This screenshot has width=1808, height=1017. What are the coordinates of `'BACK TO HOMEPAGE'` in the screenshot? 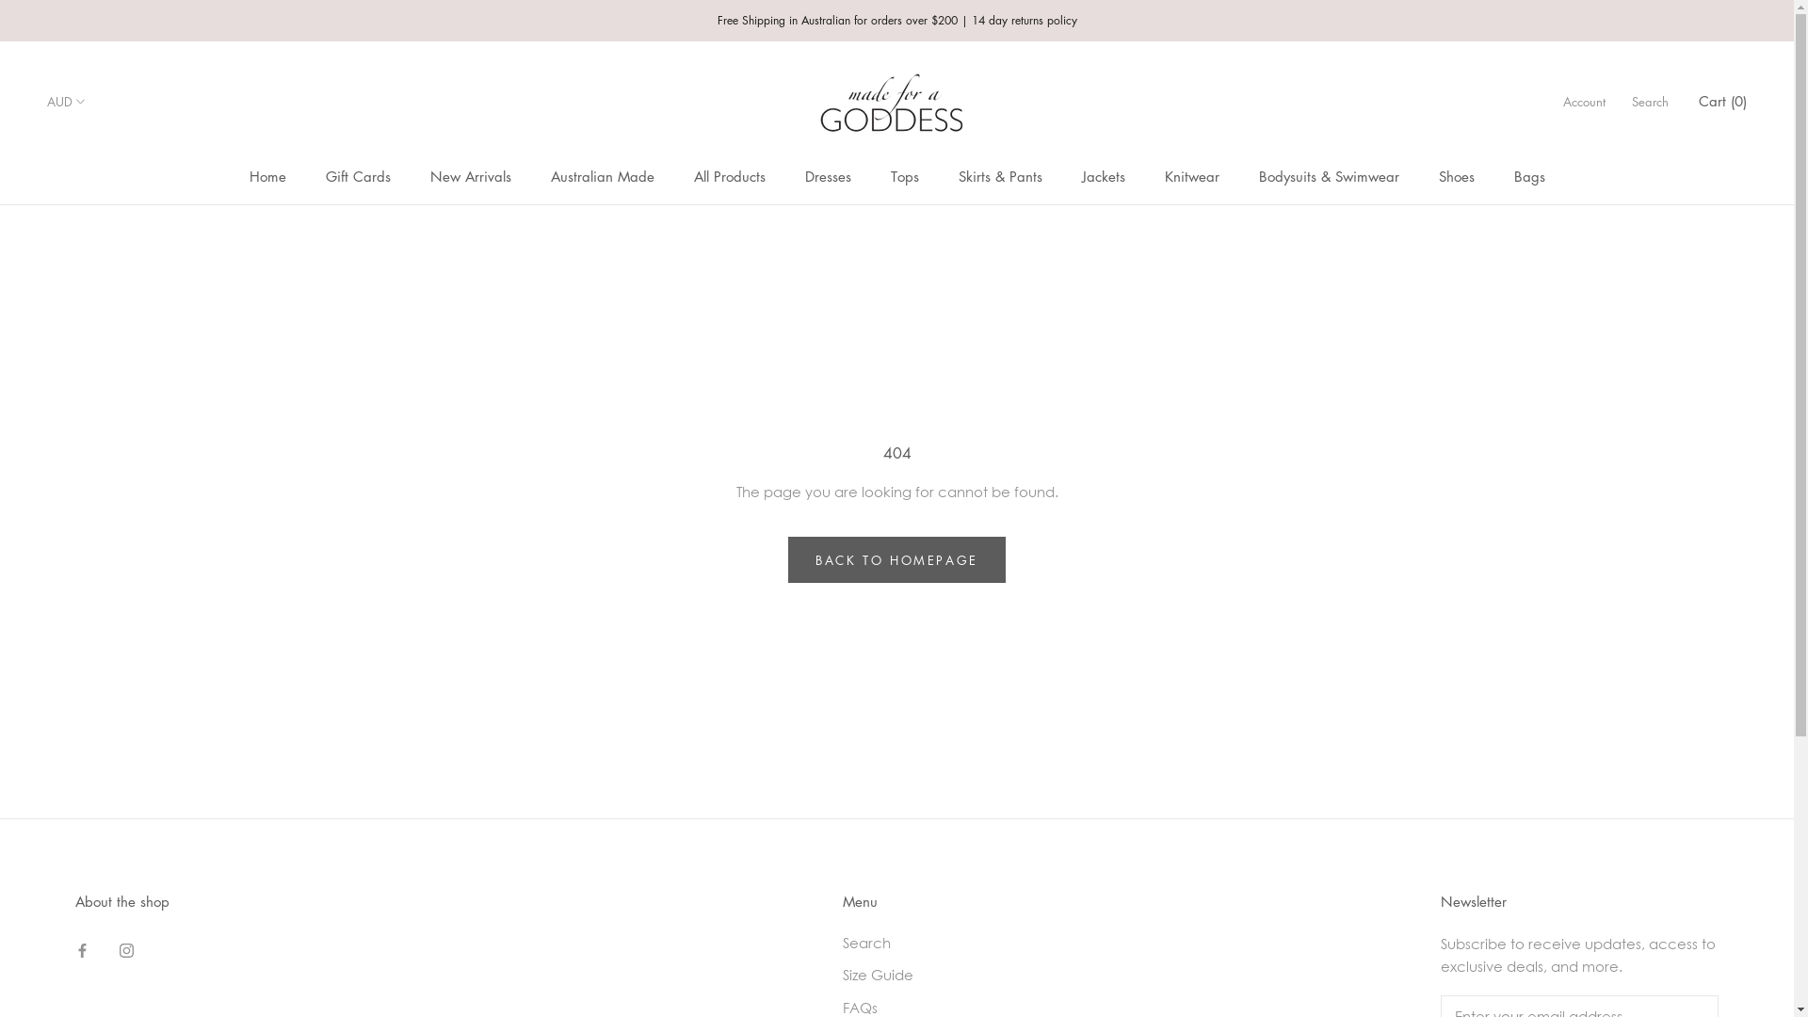 It's located at (896, 558).